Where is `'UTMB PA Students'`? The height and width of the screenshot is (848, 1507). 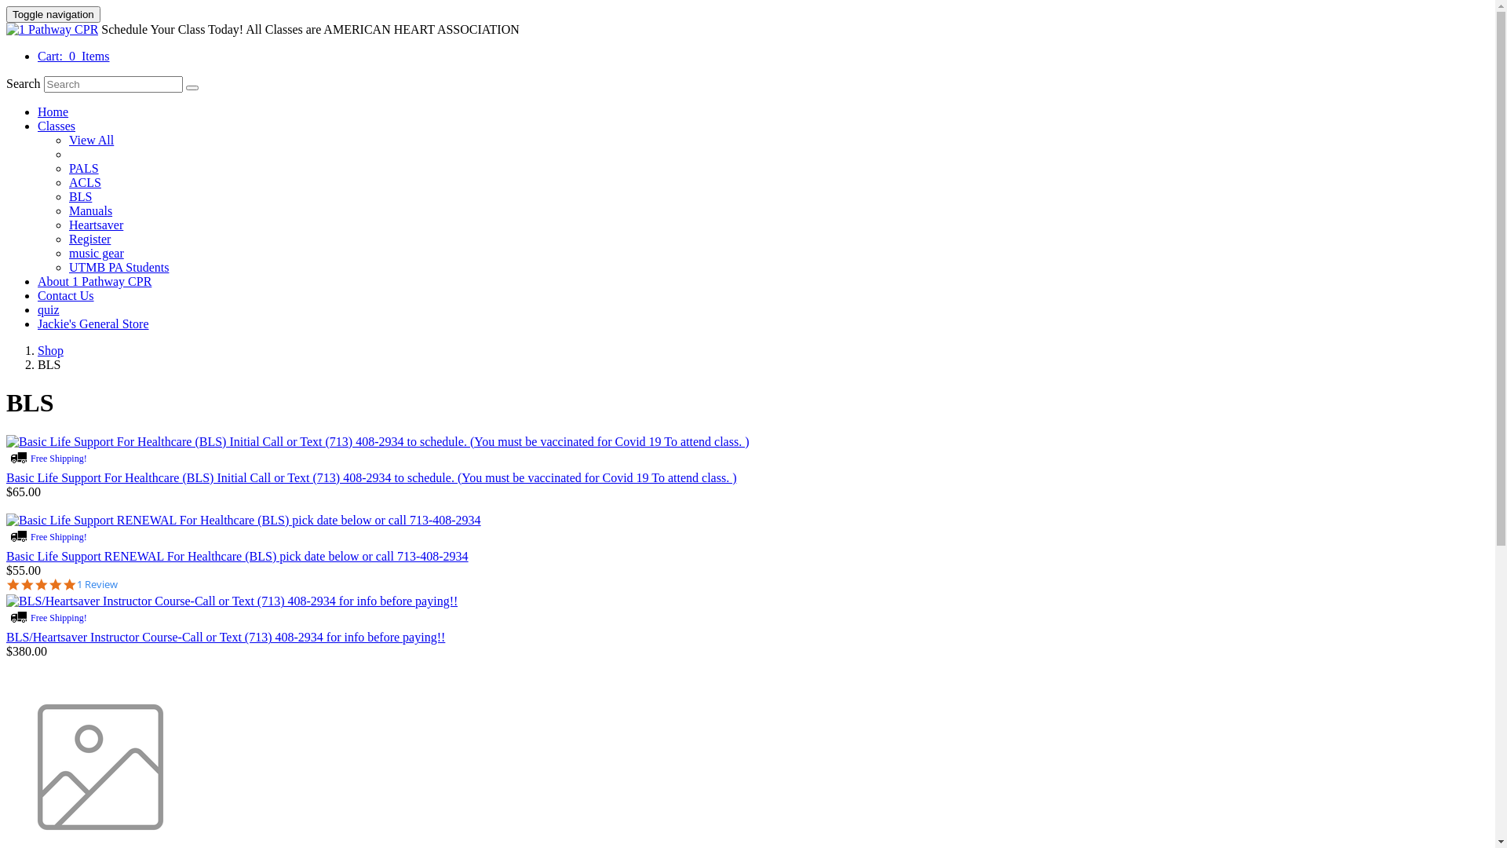
'UTMB PA Students' is located at coordinates (118, 266).